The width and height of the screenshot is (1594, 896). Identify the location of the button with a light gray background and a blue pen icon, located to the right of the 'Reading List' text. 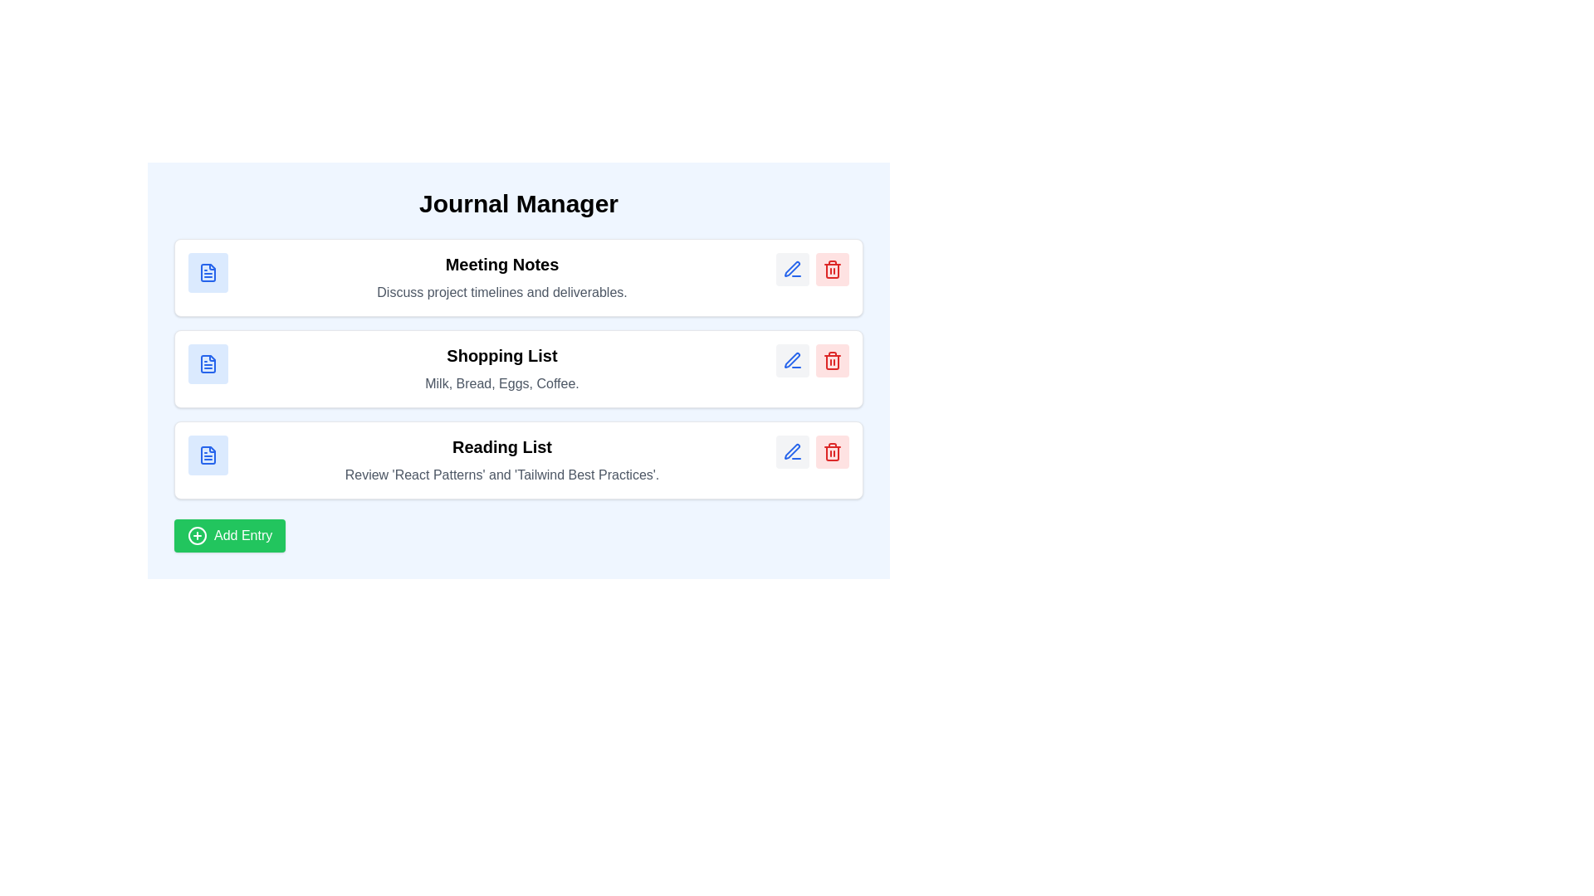
(792, 451).